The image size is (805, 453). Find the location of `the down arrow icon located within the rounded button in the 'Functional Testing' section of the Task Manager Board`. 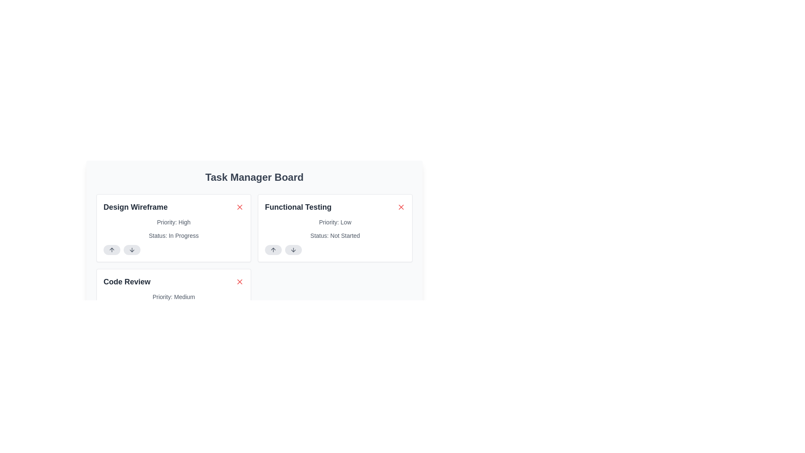

the down arrow icon located within the rounded button in the 'Functional Testing' section of the Task Manager Board is located at coordinates (293, 250).